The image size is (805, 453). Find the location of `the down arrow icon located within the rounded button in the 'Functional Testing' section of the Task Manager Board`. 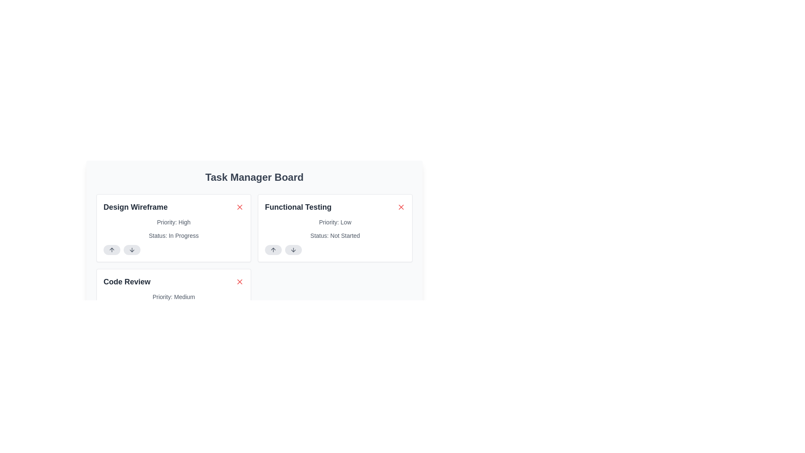

the down arrow icon located within the rounded button in the 'Functional Testing' section of the Task Manager Board is located at coordinates (293, 250).